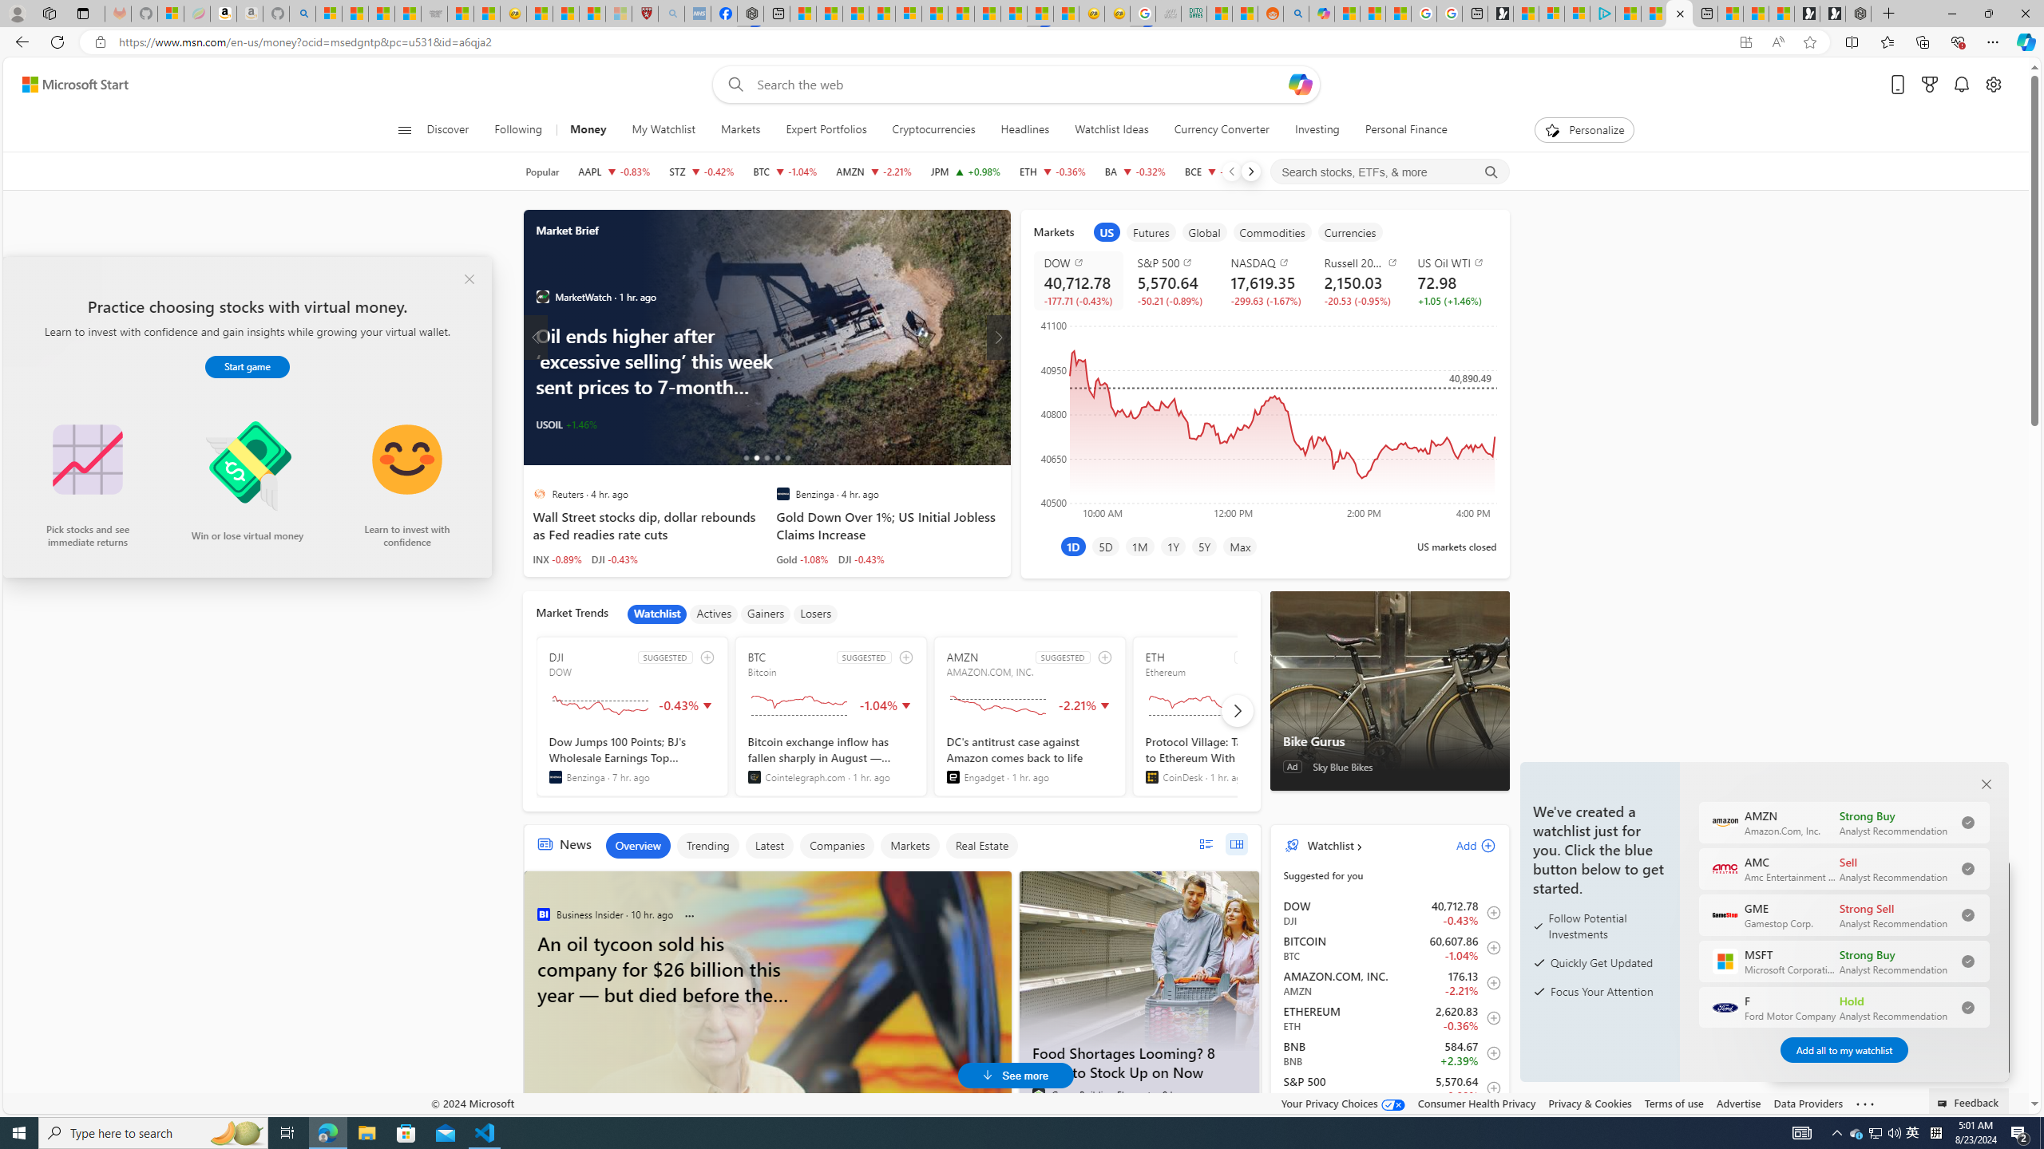 The image size is (2044, 1149). Describe the element at coordinates (662, 129) in the screenshot. I see `'My Watchlist'` at that location.